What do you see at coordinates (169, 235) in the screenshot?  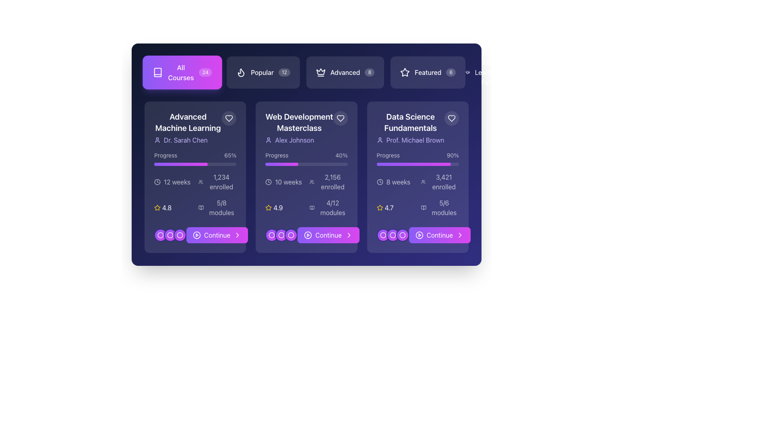 I see `the second circular button in the group of three at the bottom left of the 'Advanced Machine Learning' card` at bounding box center [169, 235].